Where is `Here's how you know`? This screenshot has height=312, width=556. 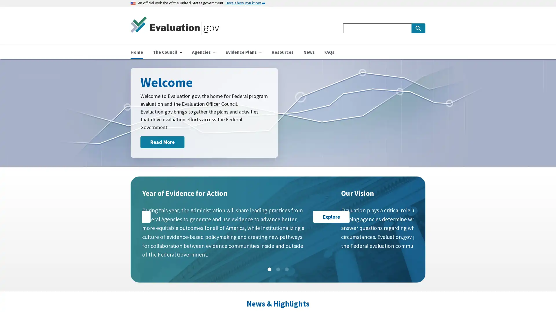 Here's how you know is located at coordinates (245, 3).